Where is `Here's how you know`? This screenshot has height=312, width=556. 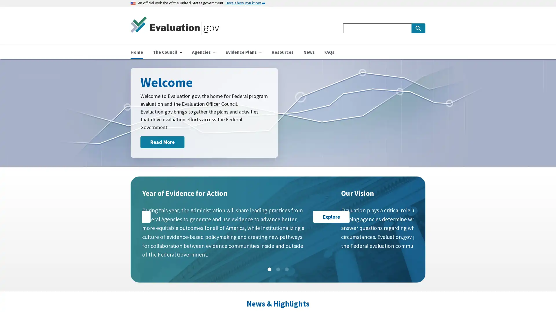 Here's how you know is located at coordinates (245, 3).